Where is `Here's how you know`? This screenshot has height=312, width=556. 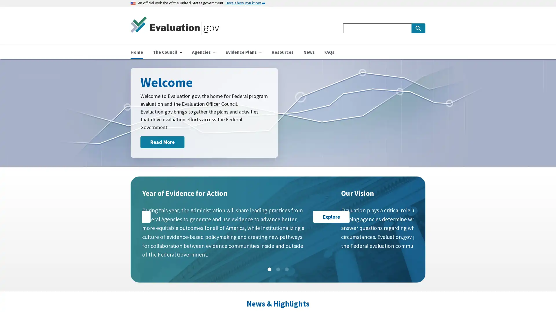 Here's how you know is located at coordinates (245, 3).